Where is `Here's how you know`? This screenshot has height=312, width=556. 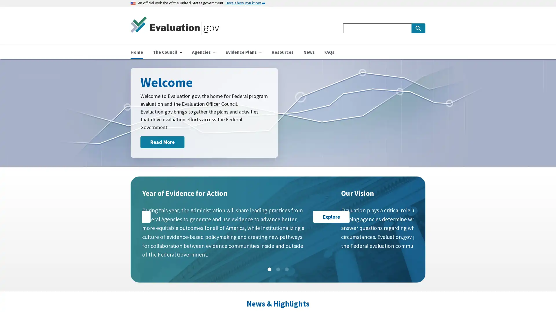 Here's how you know is located at coordinates (245, 3).